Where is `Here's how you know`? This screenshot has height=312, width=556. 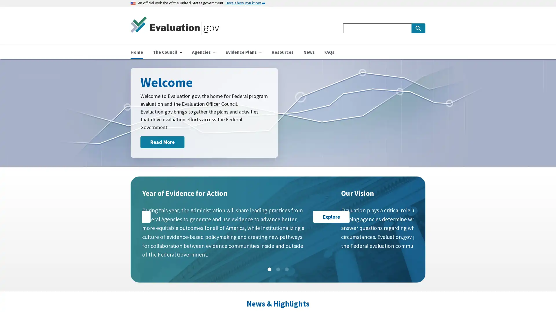 Here's how you know is located at coordinates (245, 3).